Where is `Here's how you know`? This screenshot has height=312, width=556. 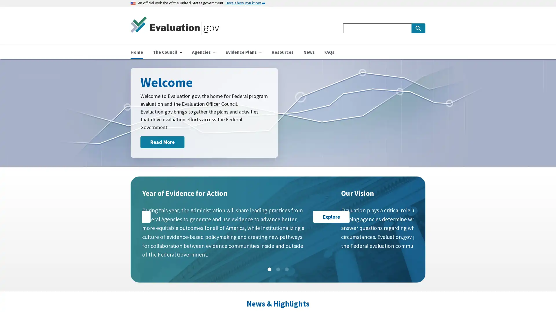 Here's how you know is located at coordinates (245, 3).